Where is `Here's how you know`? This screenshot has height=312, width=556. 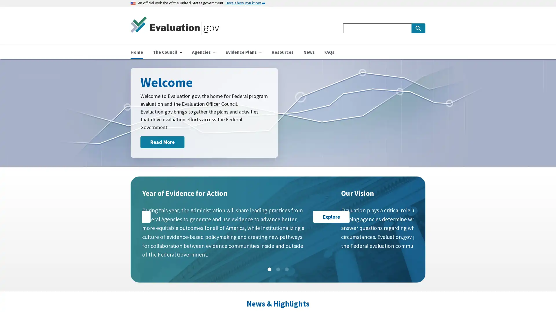 Here's how you know is located at coordinates (245, 3).